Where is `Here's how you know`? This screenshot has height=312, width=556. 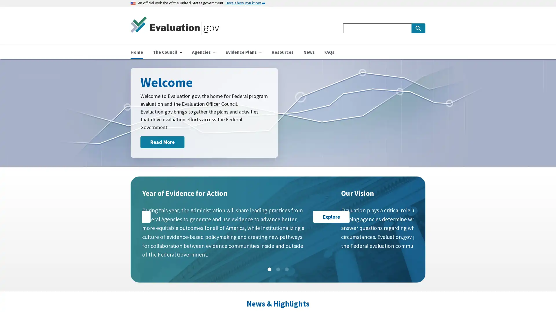 Here's how you know is located at coordinates (245, 3).